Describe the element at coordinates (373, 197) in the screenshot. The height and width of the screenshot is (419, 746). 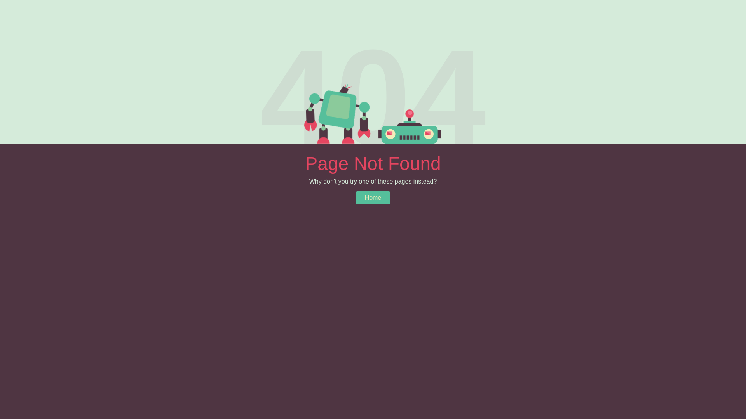
I see `'Home'` at that location.